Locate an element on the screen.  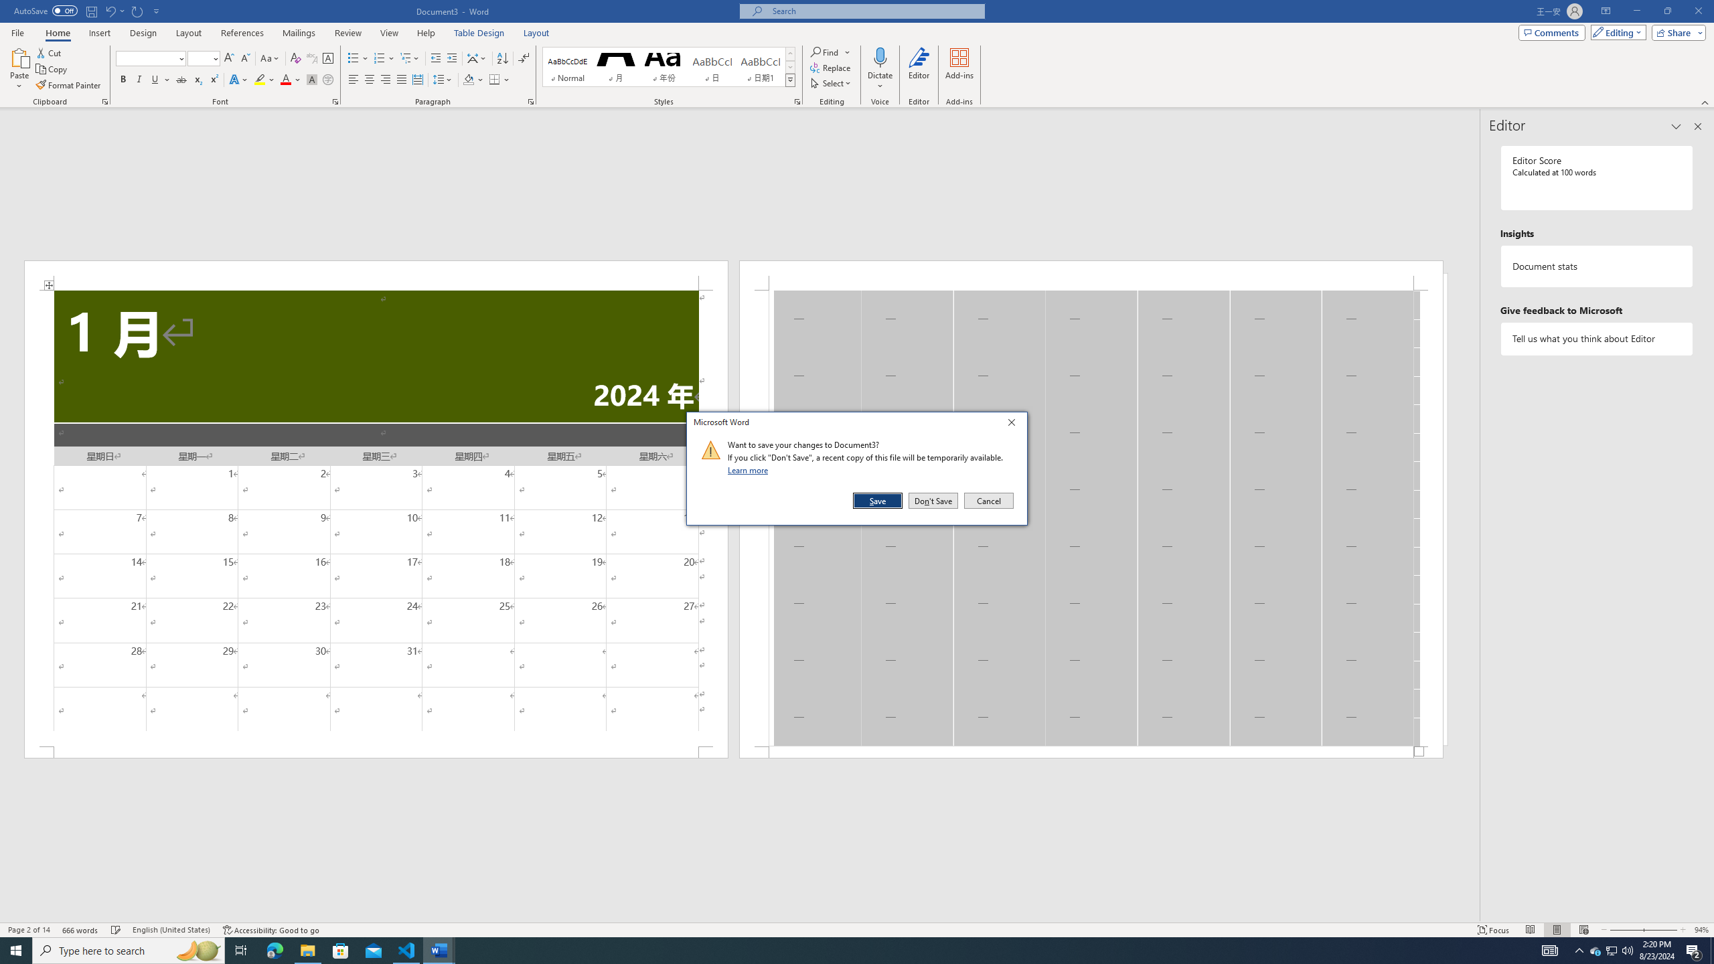
'Text Effects and Typography' is located at coordinates (237, 79).